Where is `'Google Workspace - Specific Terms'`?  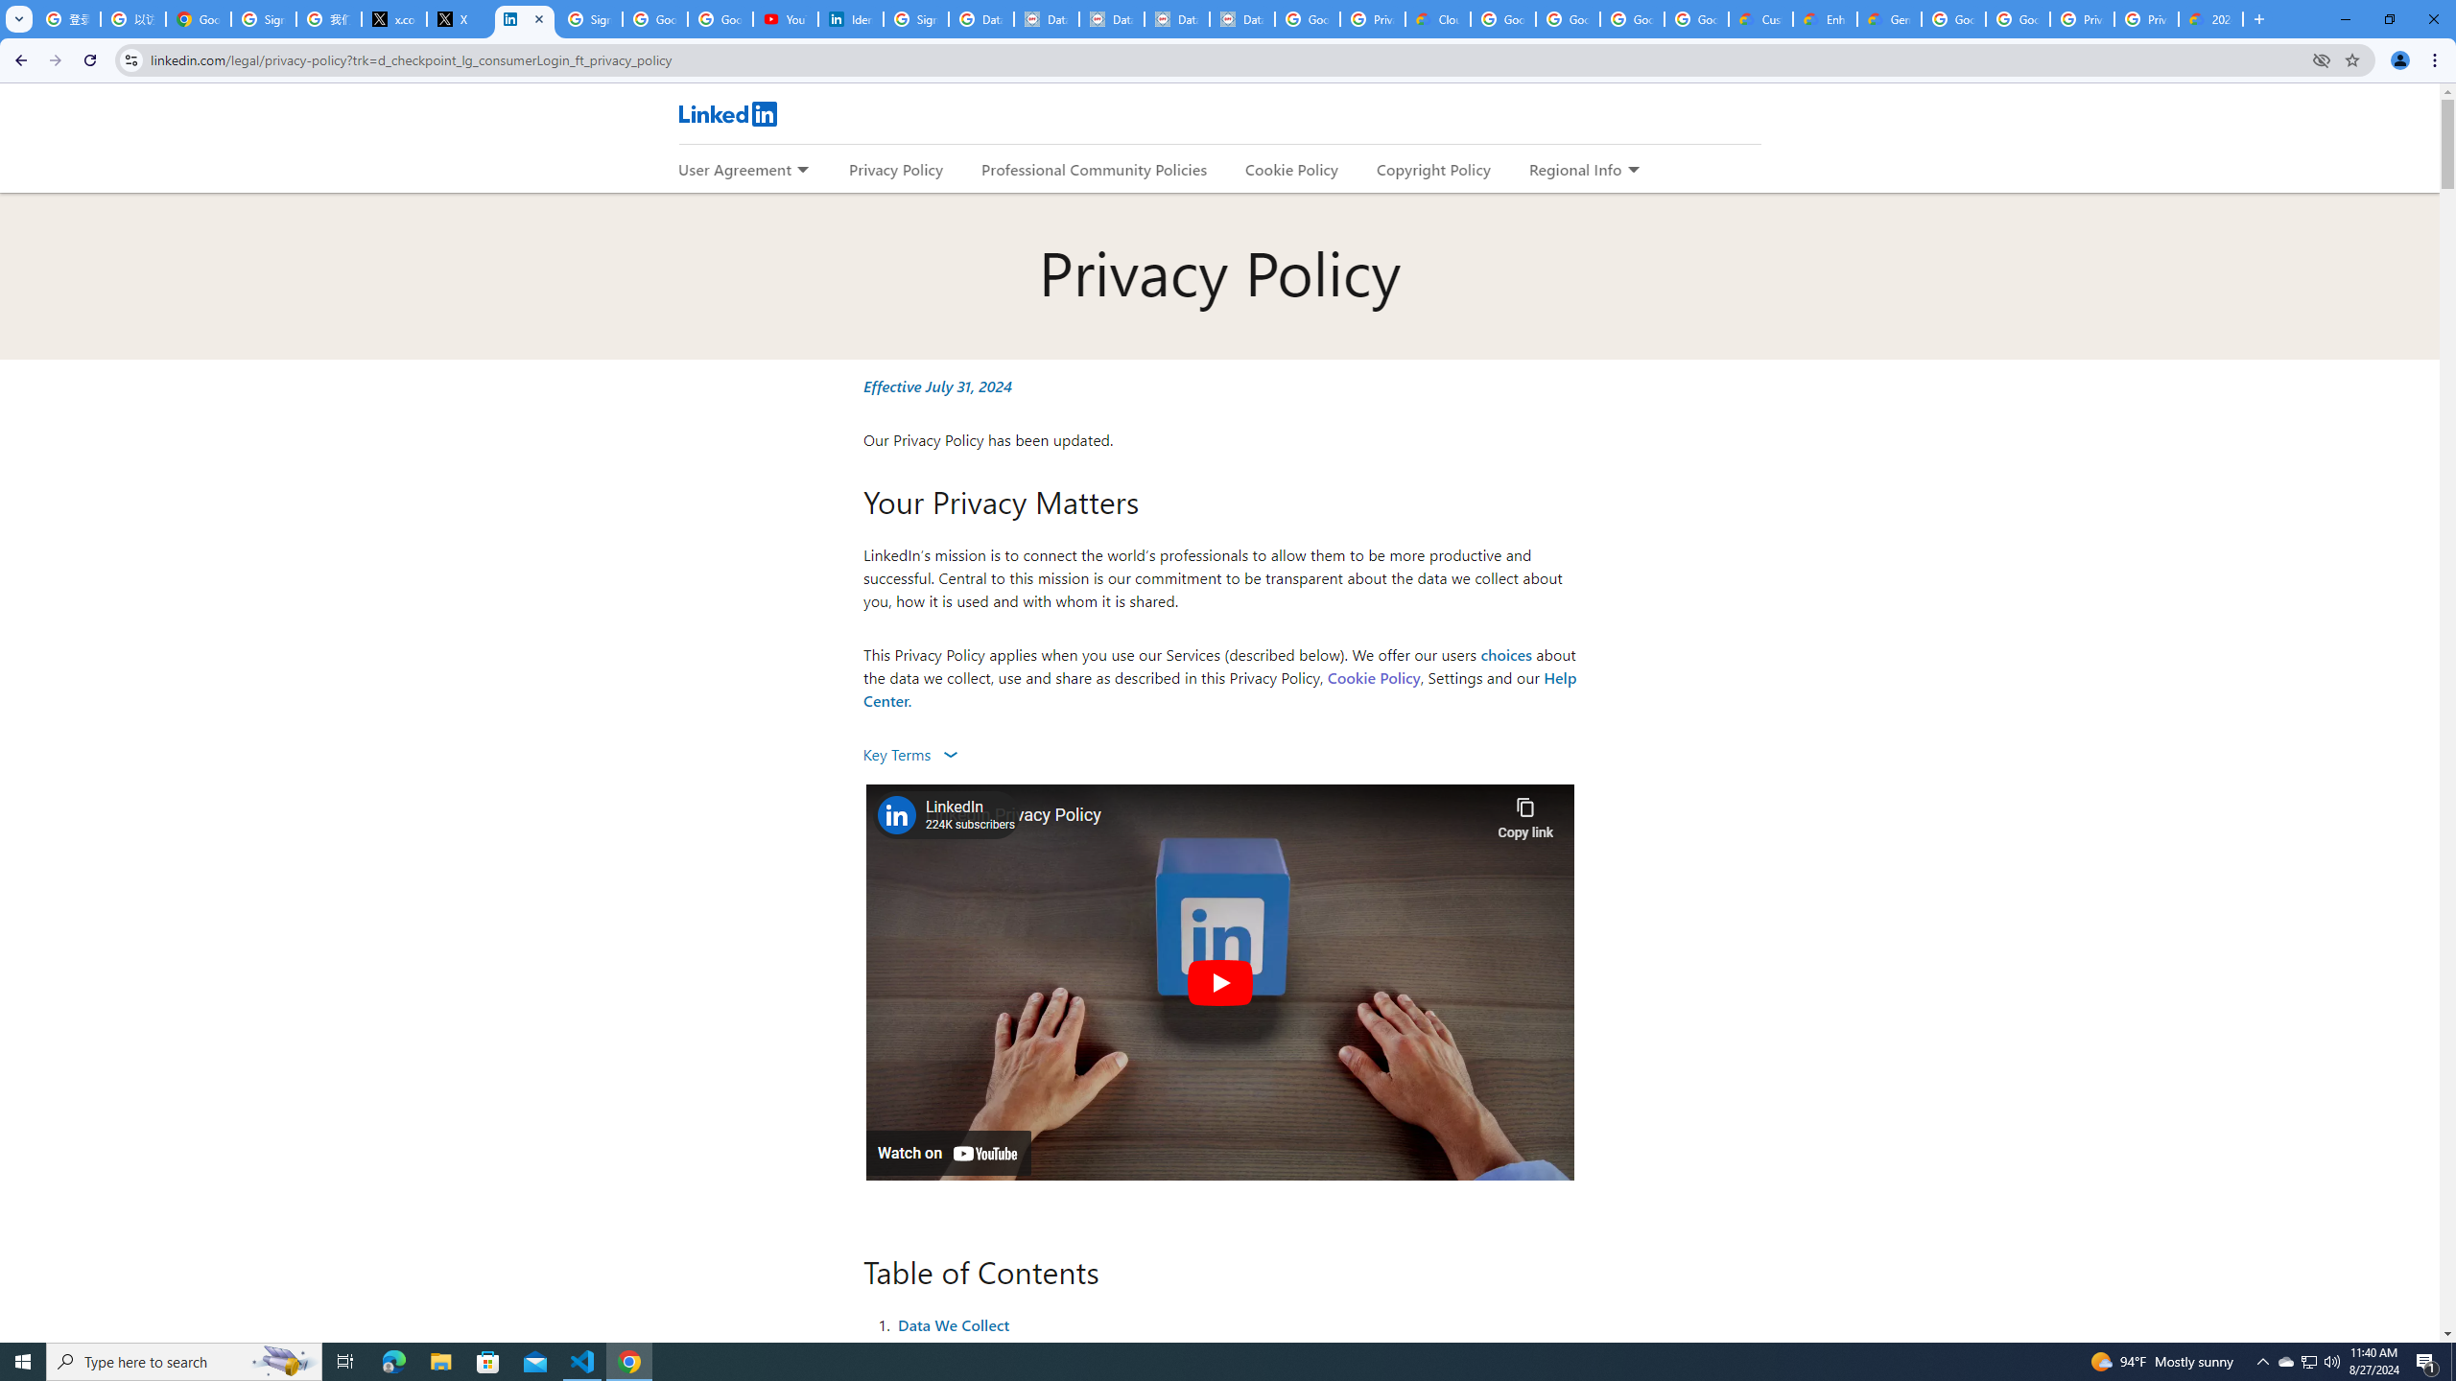 'Google Workspace - Specific Terms' is located at coordinates (1631, 18).